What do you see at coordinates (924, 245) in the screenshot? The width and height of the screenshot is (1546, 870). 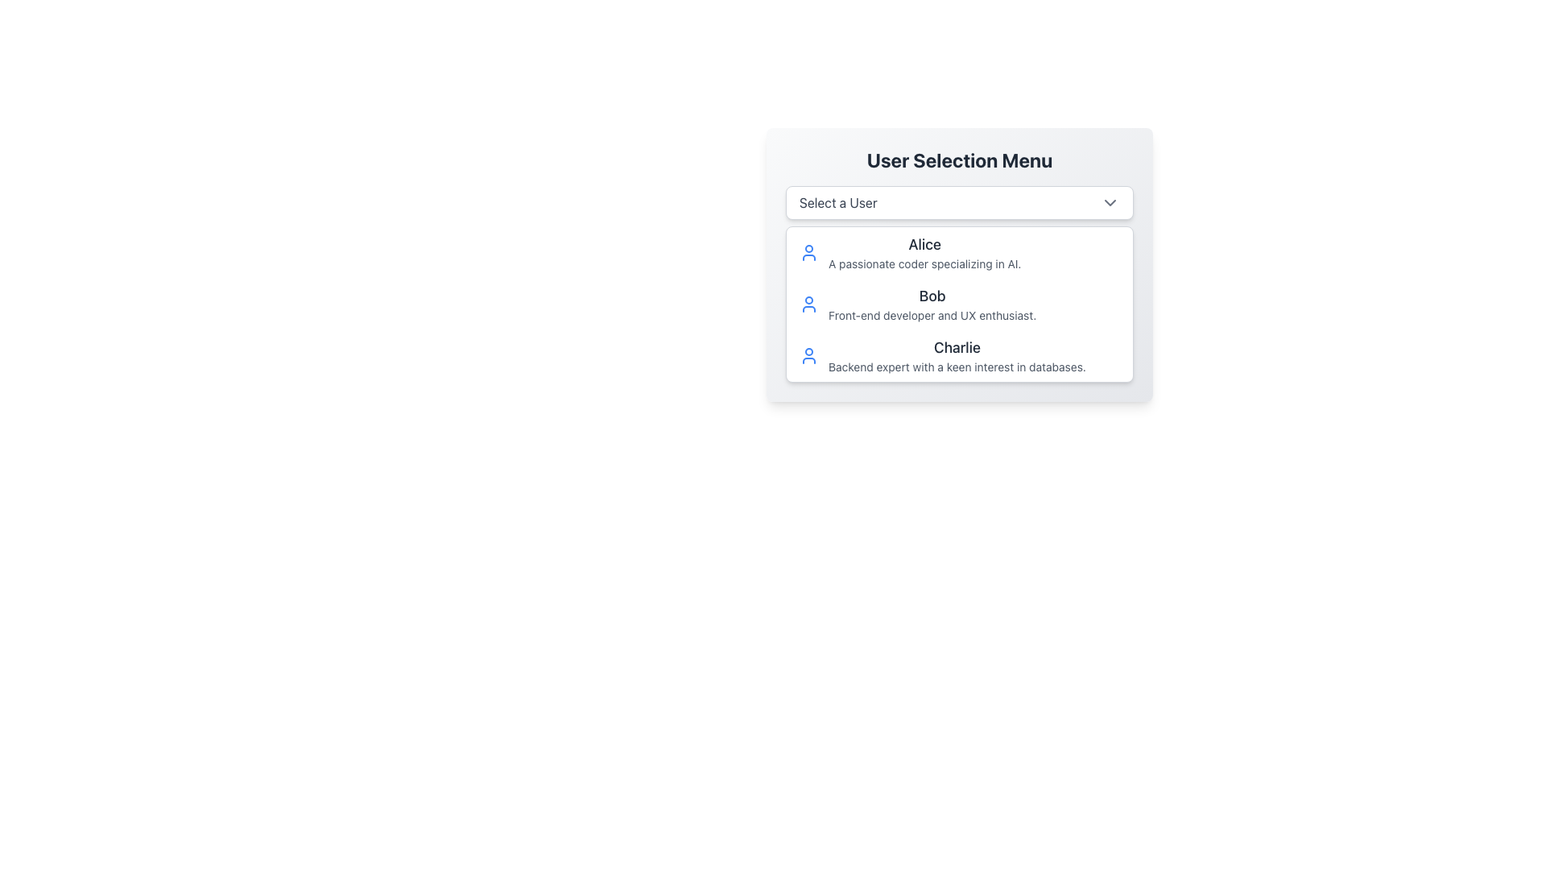 I see `the user's name in the user selection menu` at bounding box center [924, 245].